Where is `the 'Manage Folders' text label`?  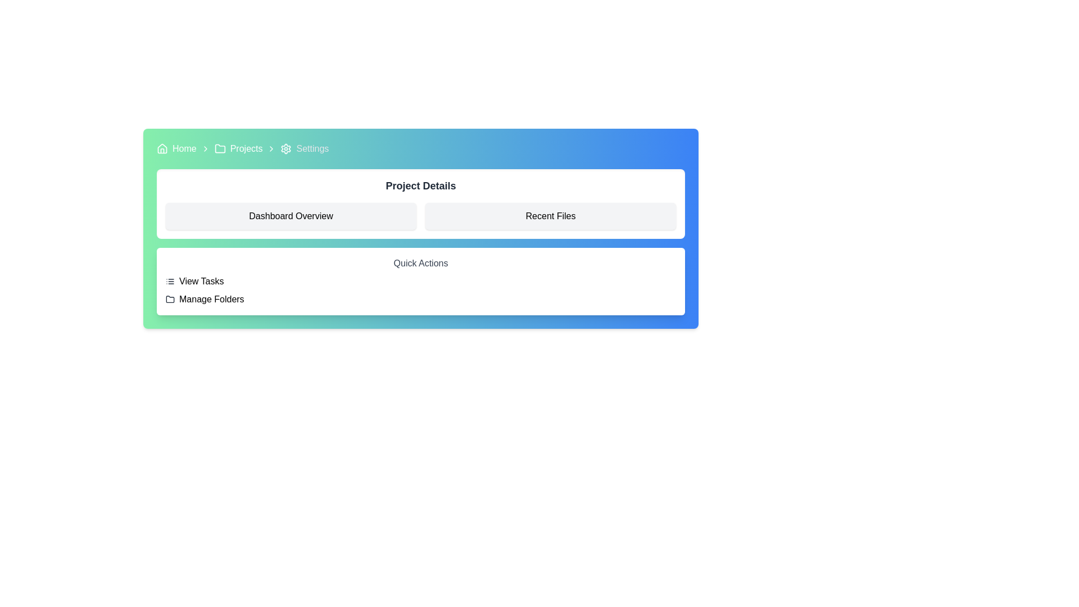 the 'Manage Folders' text label is located at coordinates (211, 298).